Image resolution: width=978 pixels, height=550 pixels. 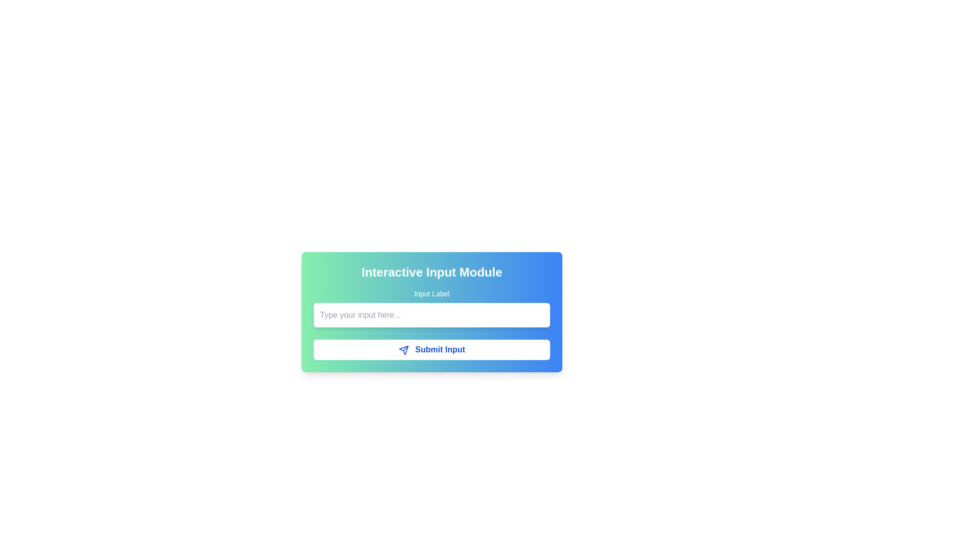 I want to click on the visual appearance of the SVG Circle element, which is a circular component within an informational icon located near the top-right corner of the text input field labeled 'Input Label.', so click(x=537, y=314).